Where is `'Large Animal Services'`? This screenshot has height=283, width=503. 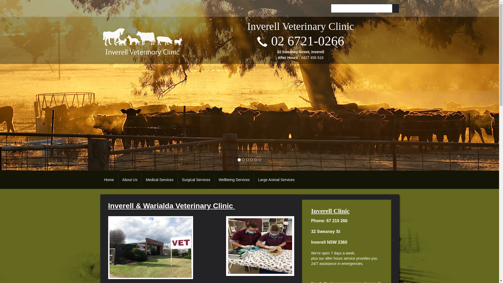
'Large Animal Services' is located at coordinates (276, 179).